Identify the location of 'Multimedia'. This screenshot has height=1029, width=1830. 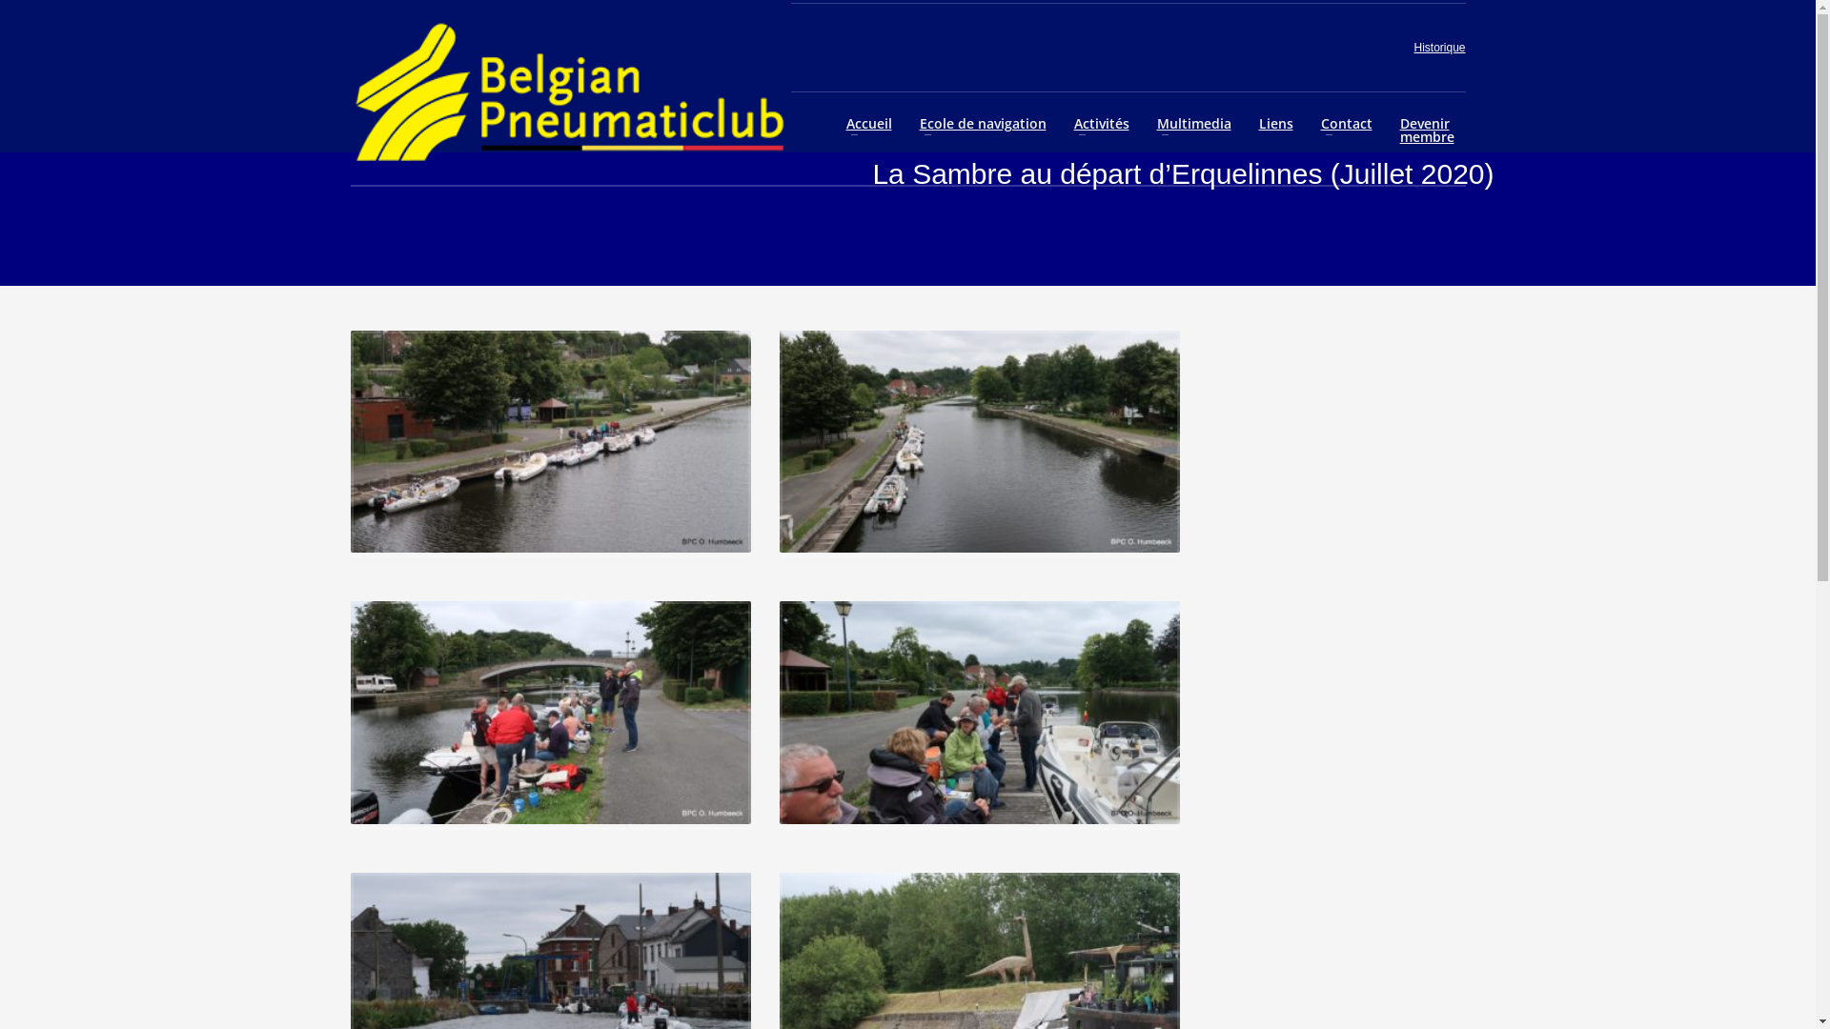
(1192, 124).